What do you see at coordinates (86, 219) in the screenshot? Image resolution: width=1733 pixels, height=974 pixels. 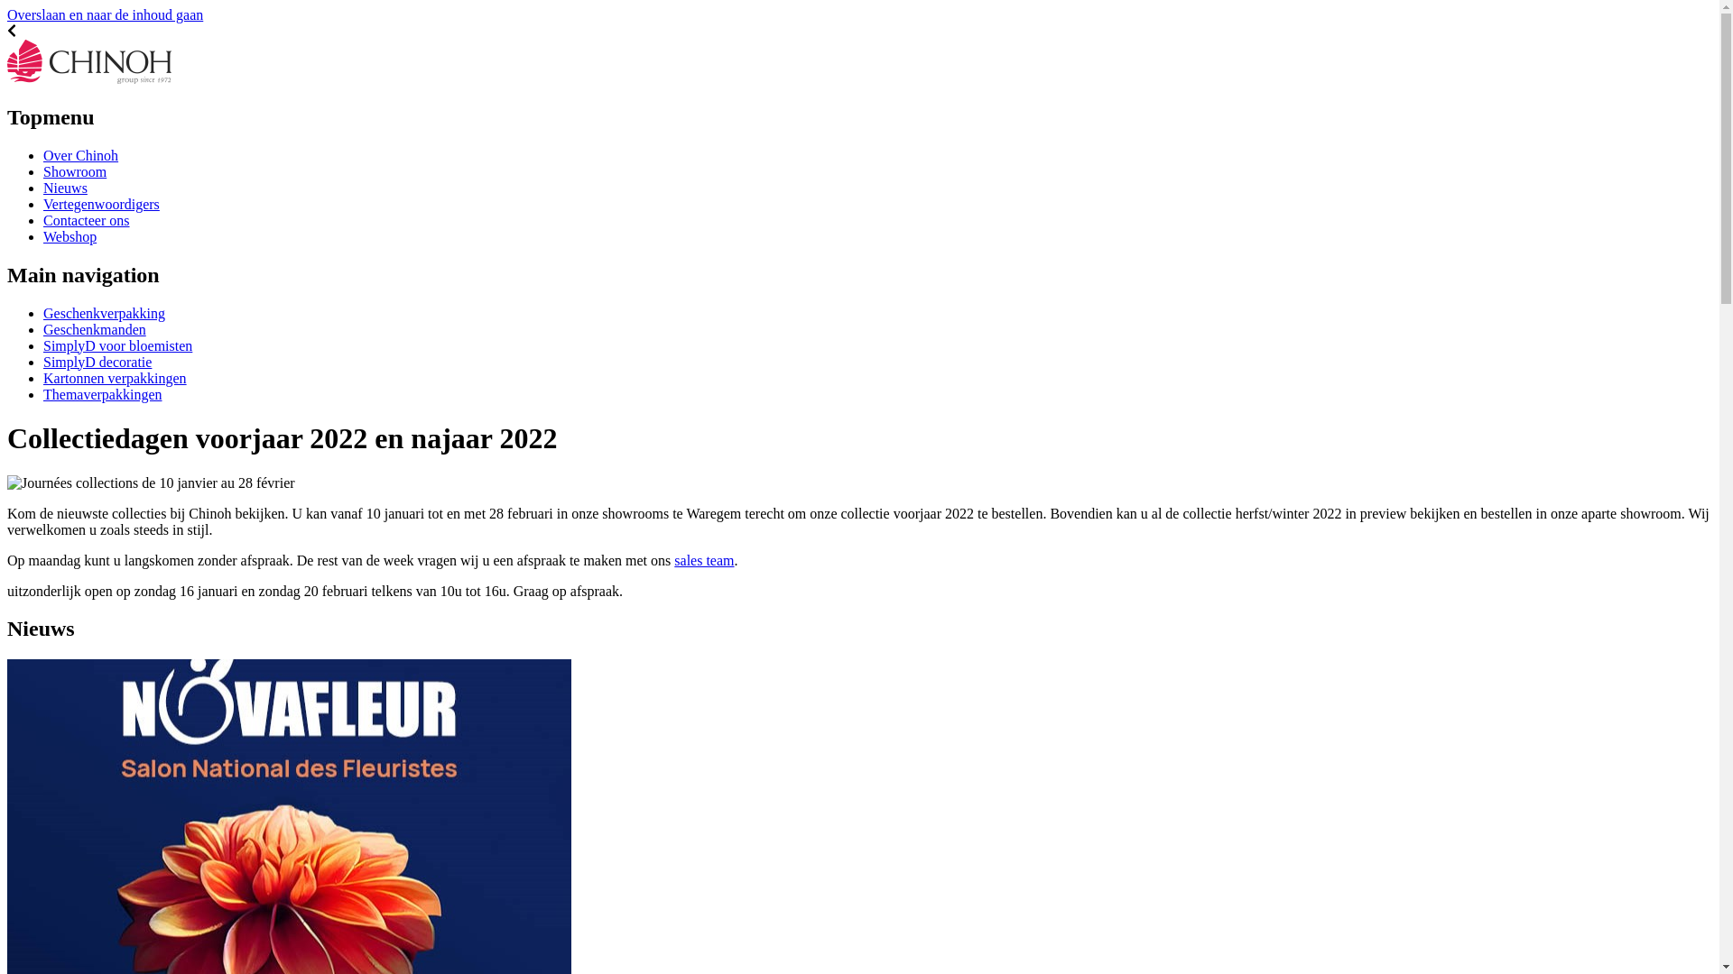 I see `'Contacteer ons'` at bounding box center [86, 219].